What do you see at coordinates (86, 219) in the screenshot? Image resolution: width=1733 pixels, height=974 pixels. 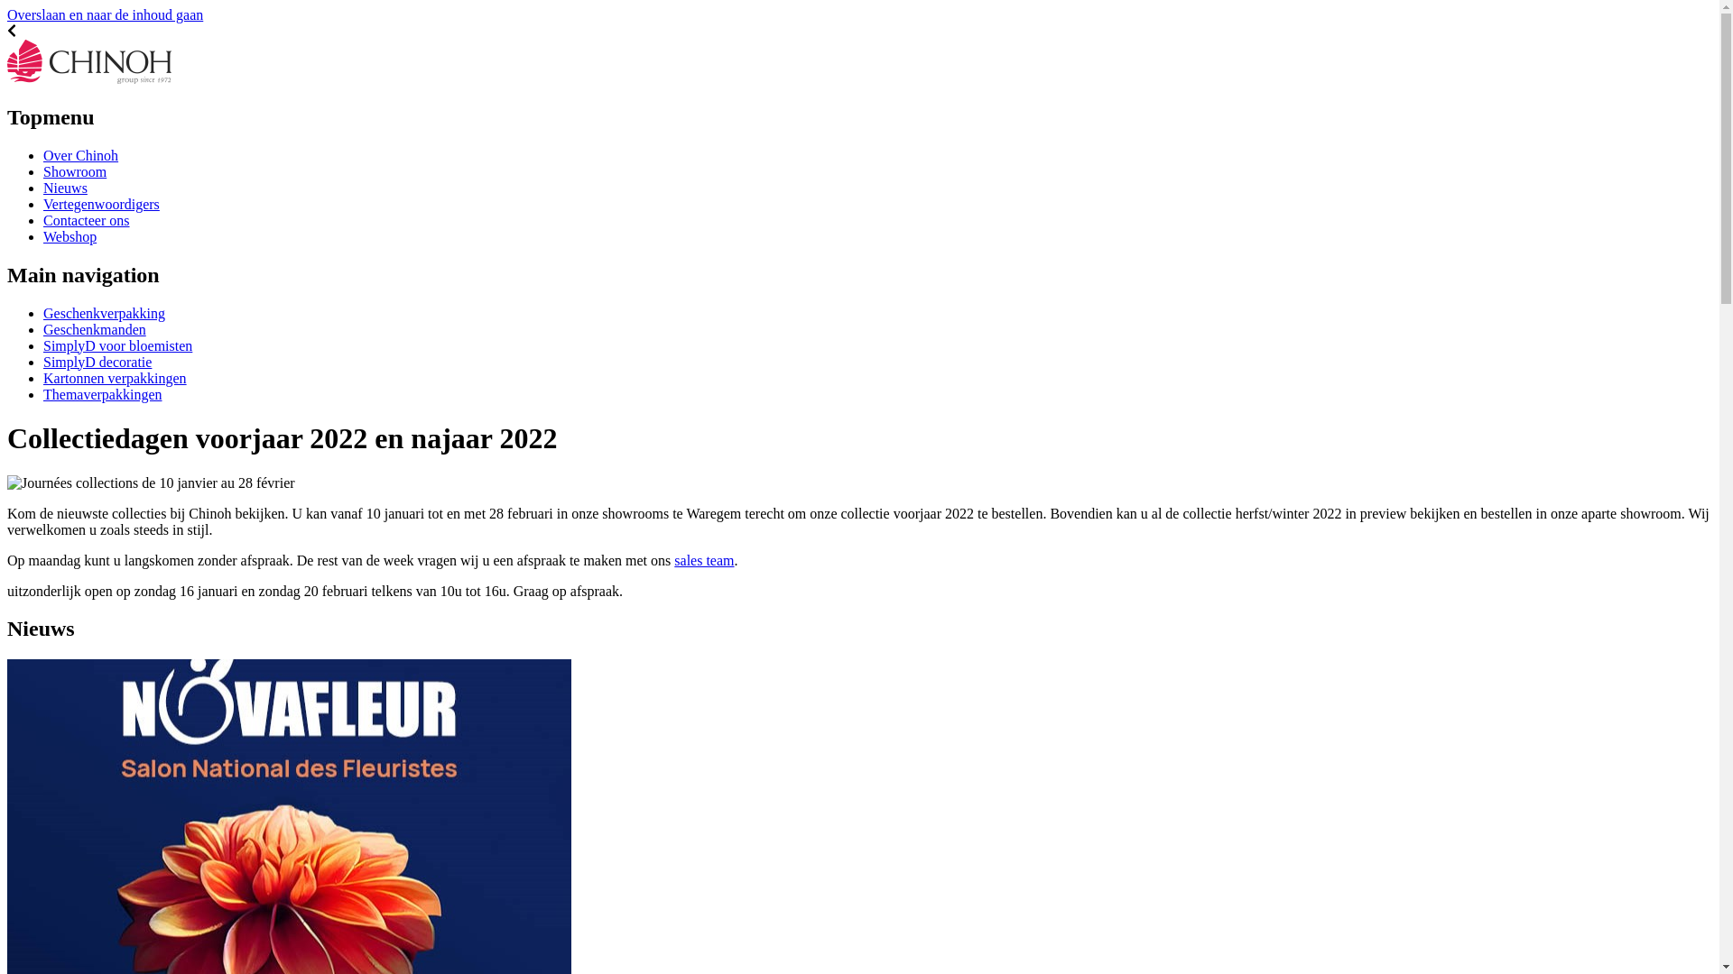 I see `'Contacteer ons'` at bounding box center [86, 219].